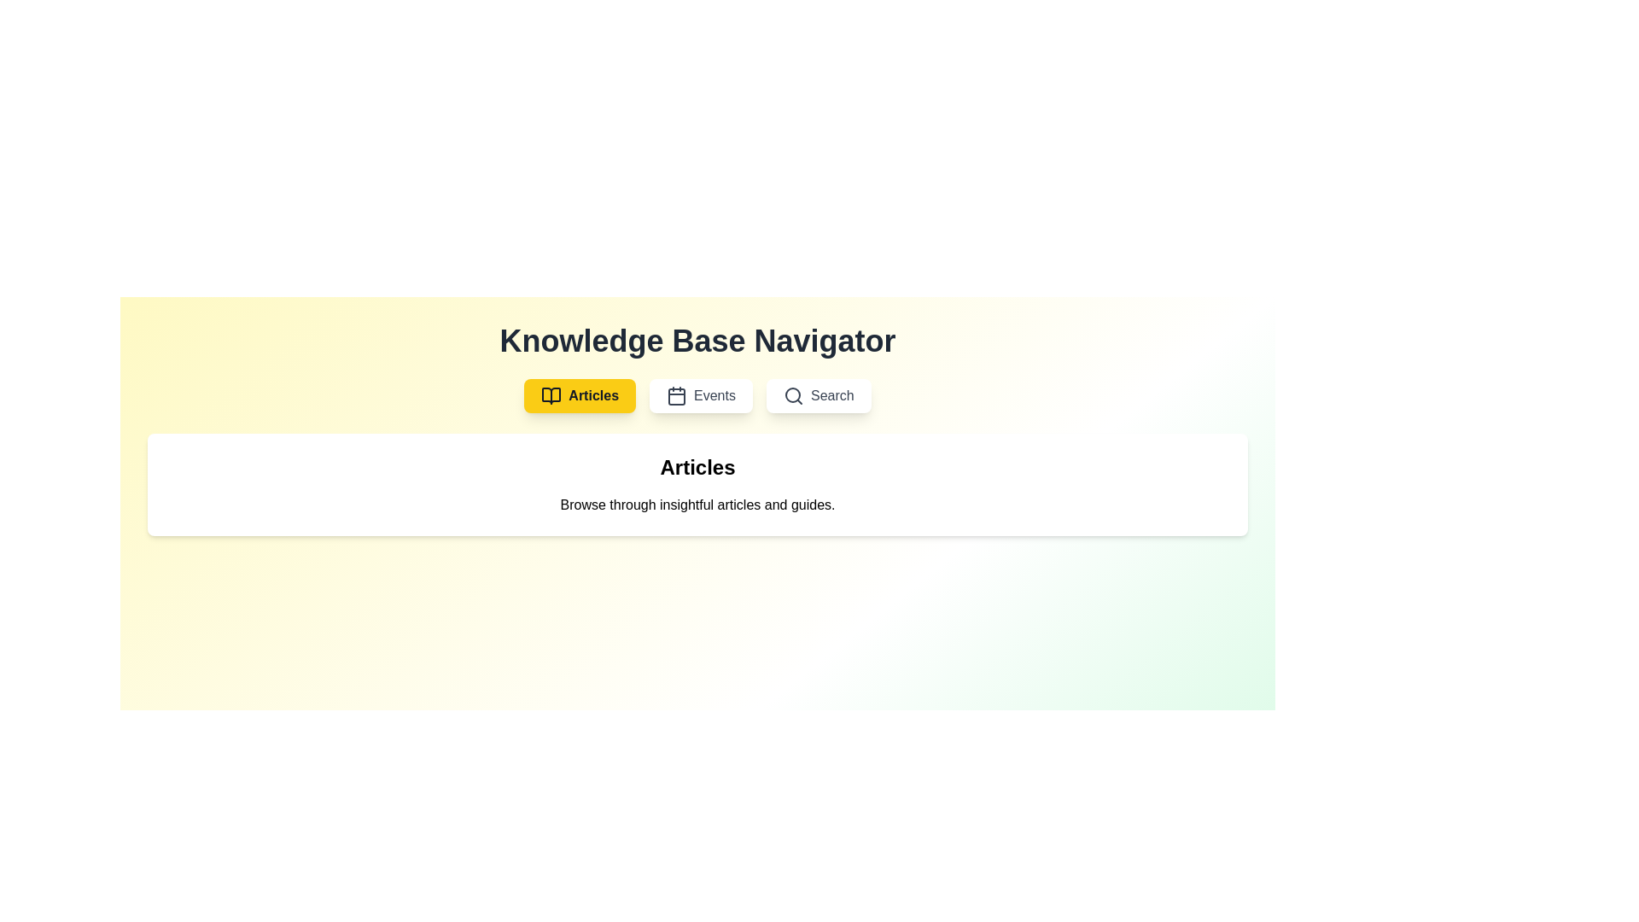 The width and height of the screenshot is (1639, 922). I want to click on the Events tab, so click(701, 395).